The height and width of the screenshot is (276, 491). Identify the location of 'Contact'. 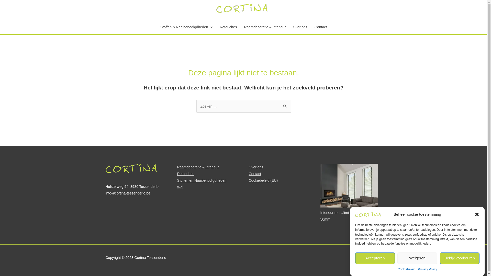
(320, 27).